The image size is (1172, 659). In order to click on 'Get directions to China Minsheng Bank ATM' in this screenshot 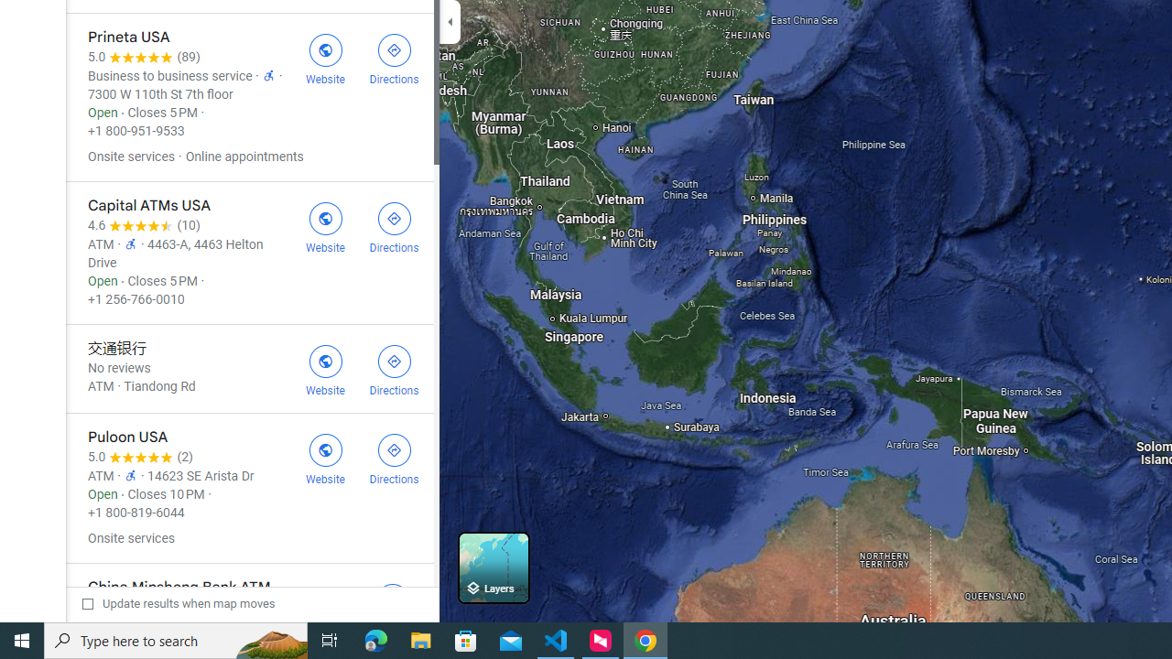, I will do `click(392, 608)`.